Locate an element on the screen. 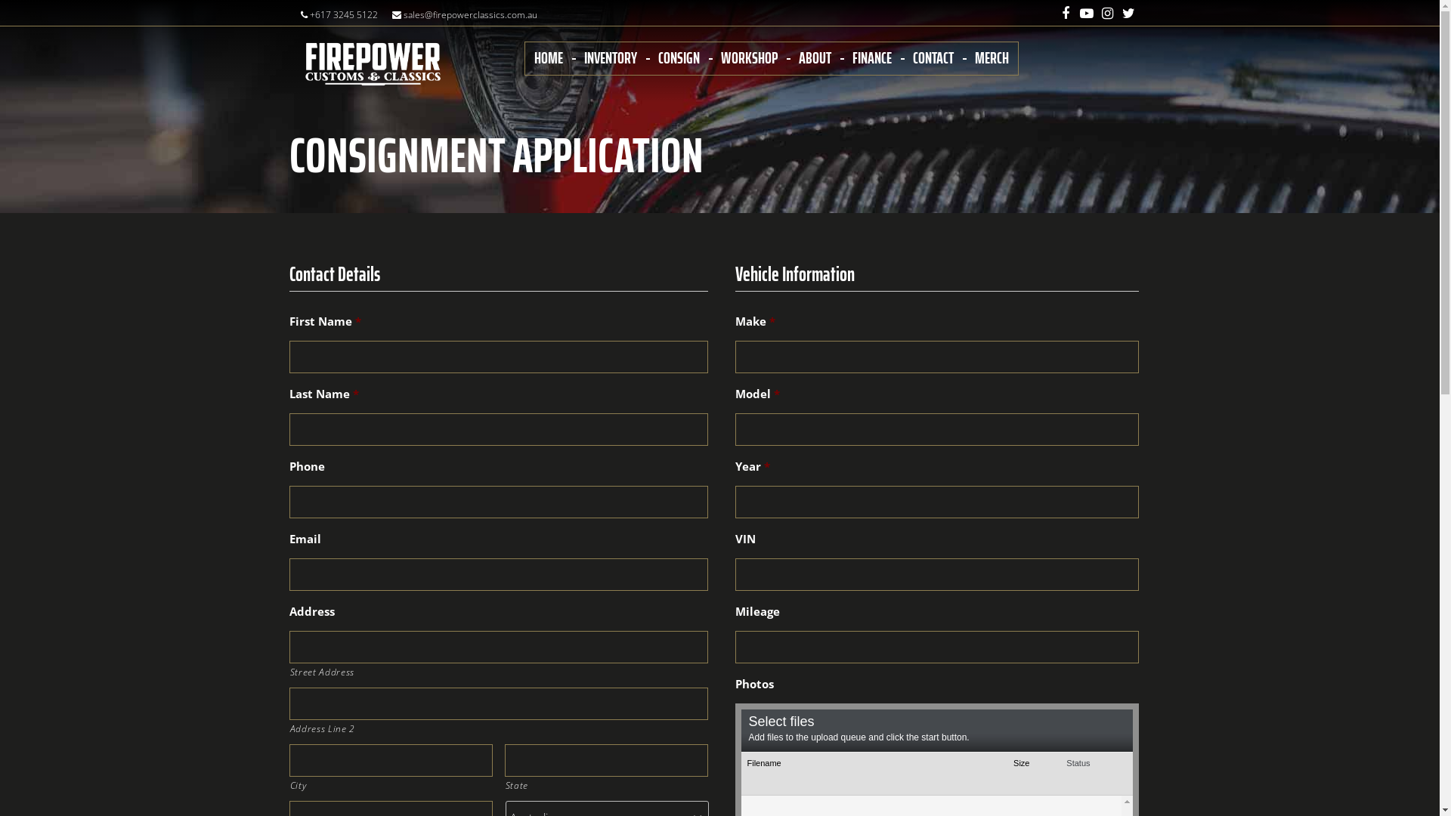 The height and width of the screenshot is (816, 1451). 'Facebook' is located at coordinates (1054, 12).